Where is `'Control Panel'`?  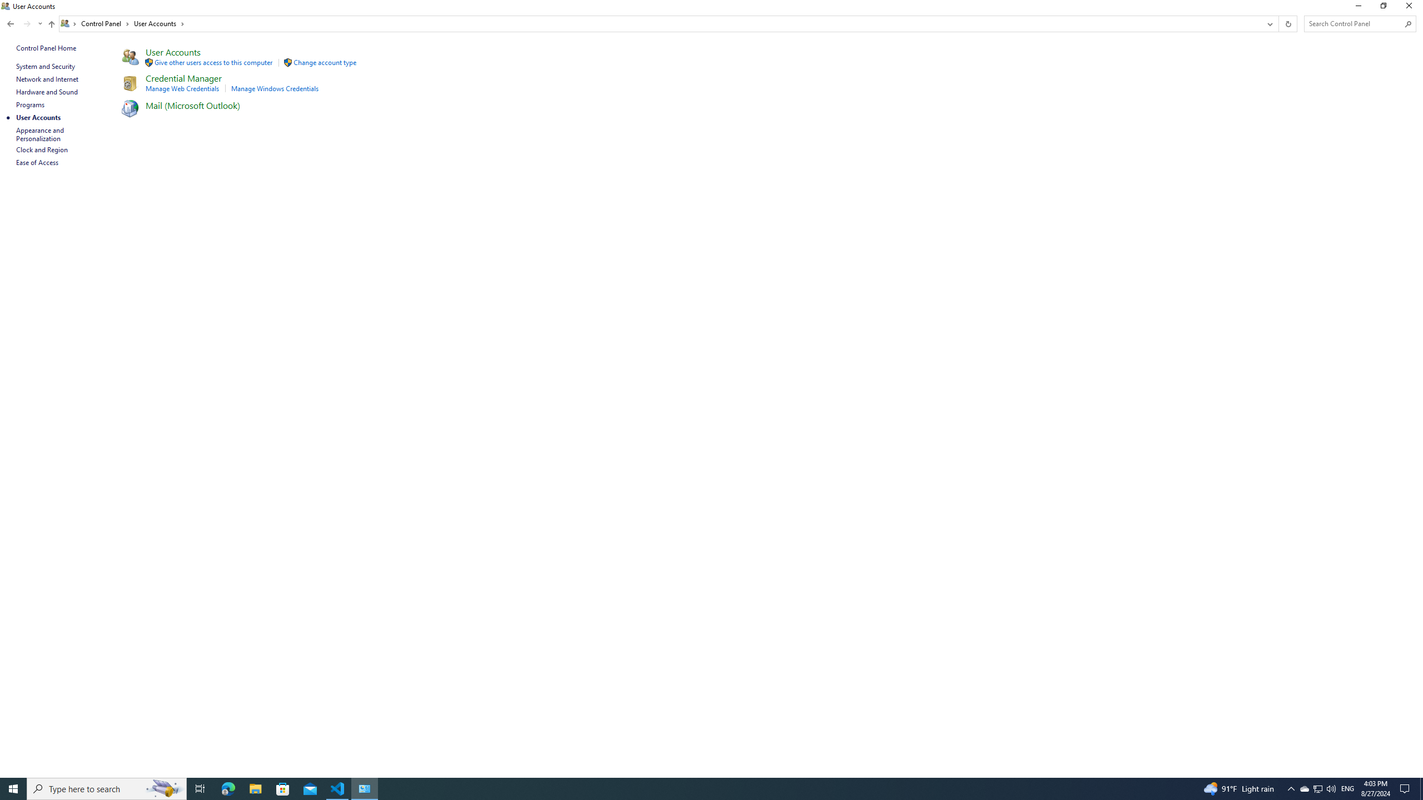
'Control Panel' is located at coordinates (105, 23).